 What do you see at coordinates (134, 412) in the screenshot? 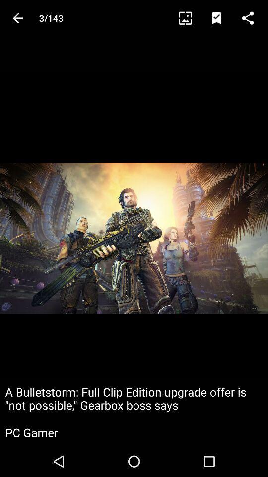
I see `a bulletstorm full item` at bounding box center [134, 412].